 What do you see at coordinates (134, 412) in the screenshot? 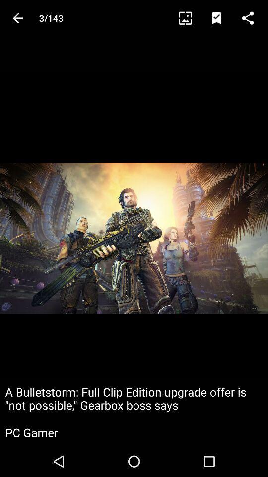
I see `a bulletstorm full item` at bounding box center [134, 412].